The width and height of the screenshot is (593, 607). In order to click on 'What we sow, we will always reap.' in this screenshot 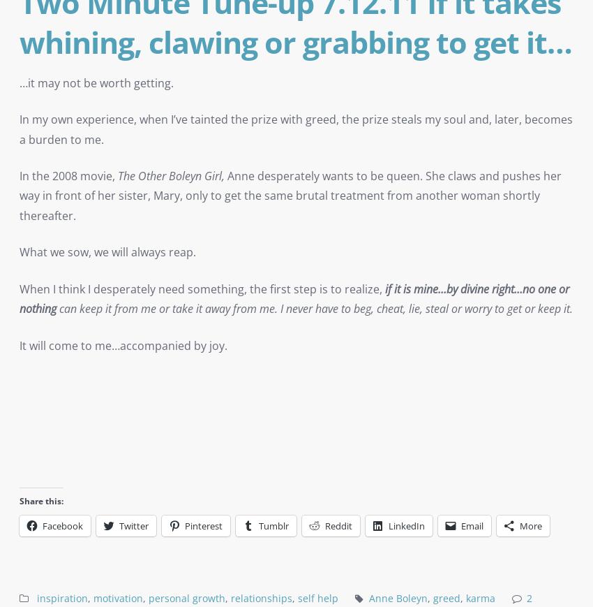, I will do `click(107, 251)`.